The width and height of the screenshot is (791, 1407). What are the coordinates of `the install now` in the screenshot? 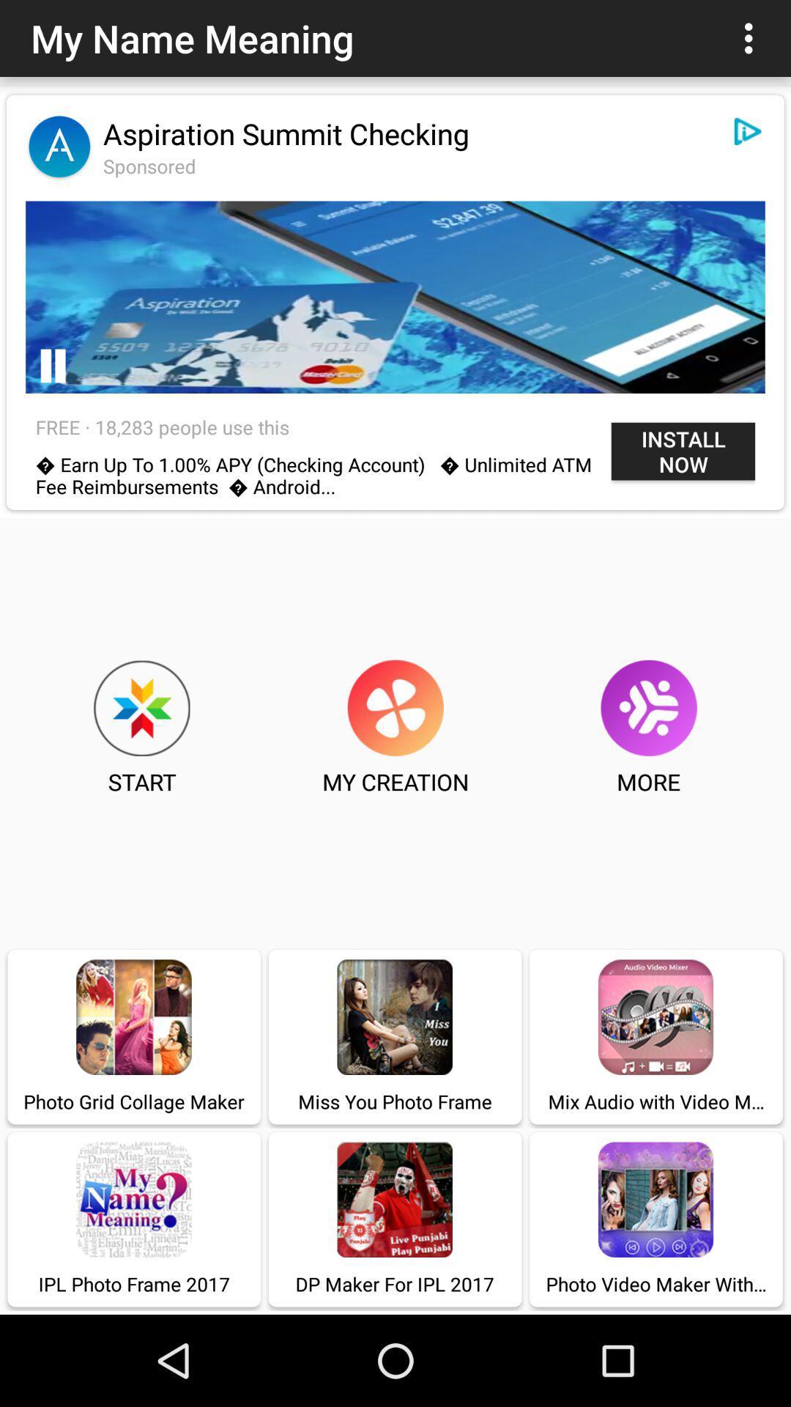 It's located at (683, 451).